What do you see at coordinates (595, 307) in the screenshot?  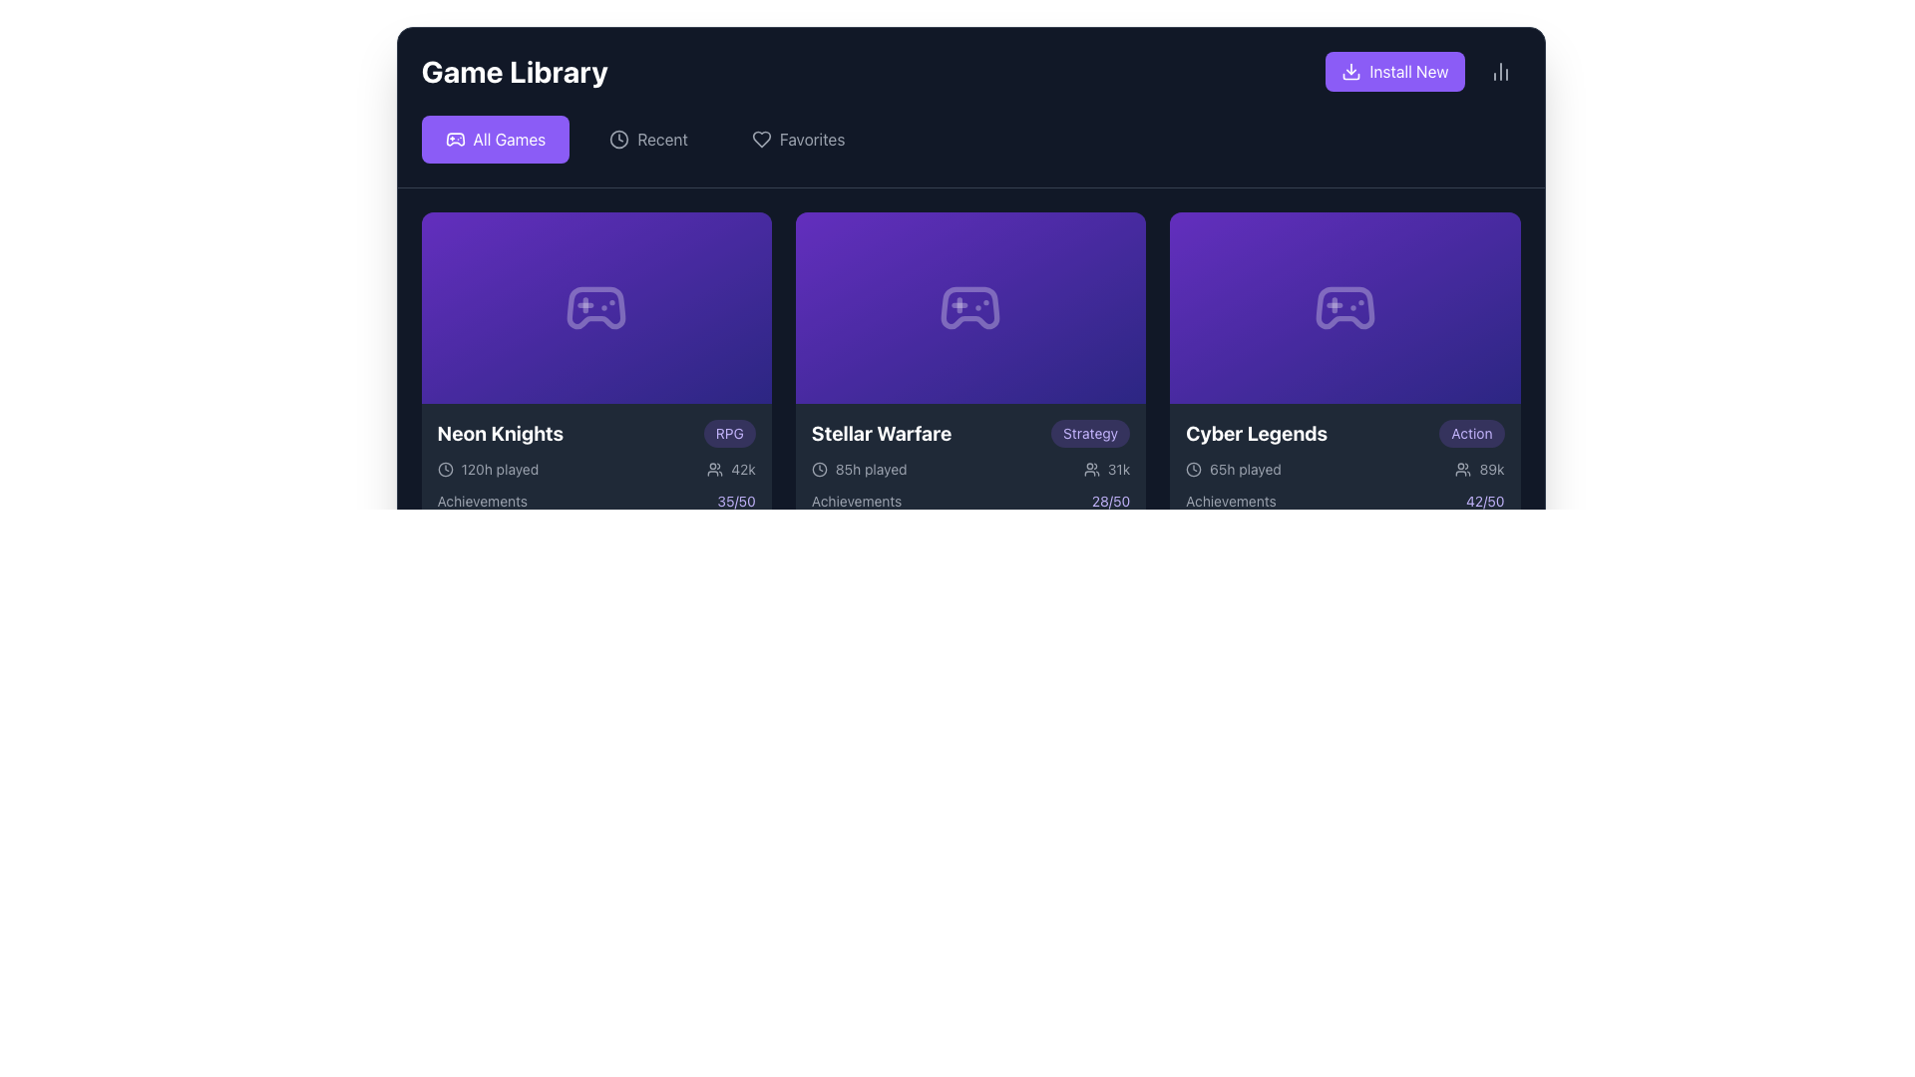 I see `the outlined game controller icon with rounded edges, styled in translucent white, located within the first game card under the 'Game Library' section` at bounding box center [595, 307].